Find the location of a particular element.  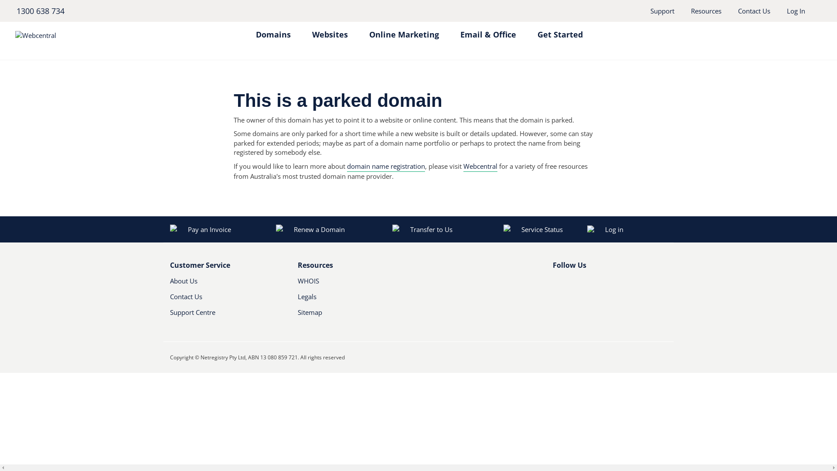

'Get Started' is located at coordinates (559, 30).